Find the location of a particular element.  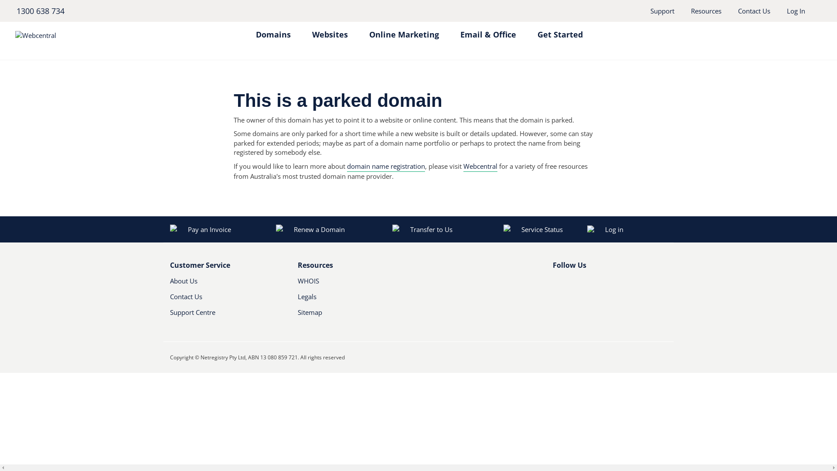

'Get Started' is located at coordinates (559, 30).